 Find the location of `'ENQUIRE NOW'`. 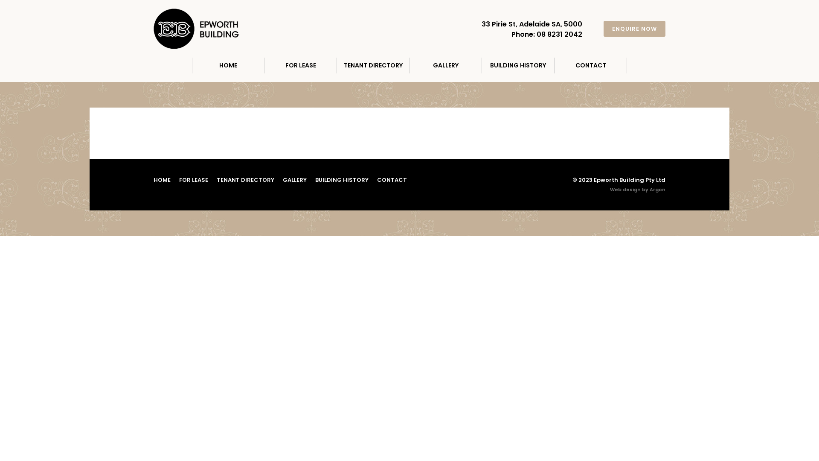

'ENQUIRE NOW' is located at coordinates (634, 28).